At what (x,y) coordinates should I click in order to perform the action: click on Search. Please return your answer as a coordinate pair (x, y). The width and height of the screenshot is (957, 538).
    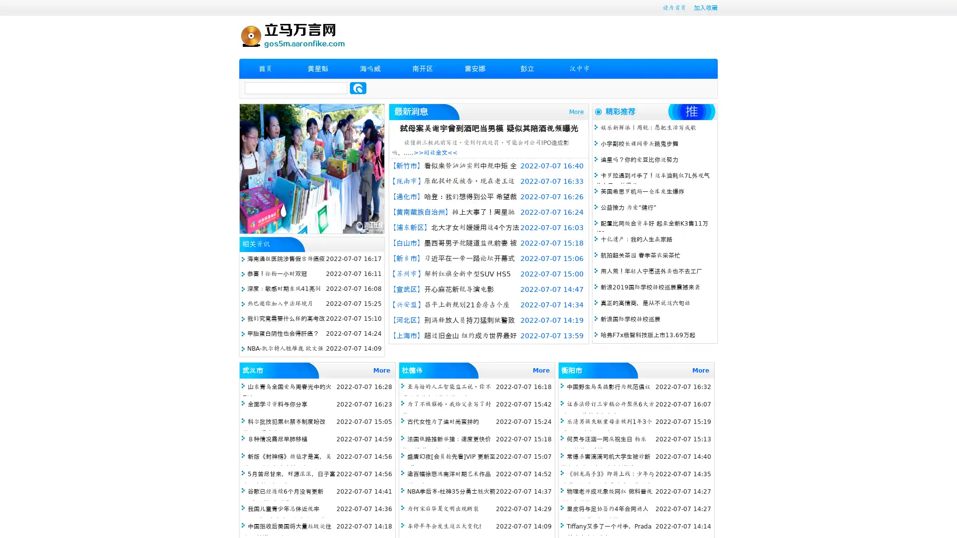
    Looking at the image, I should click on (358, 88).